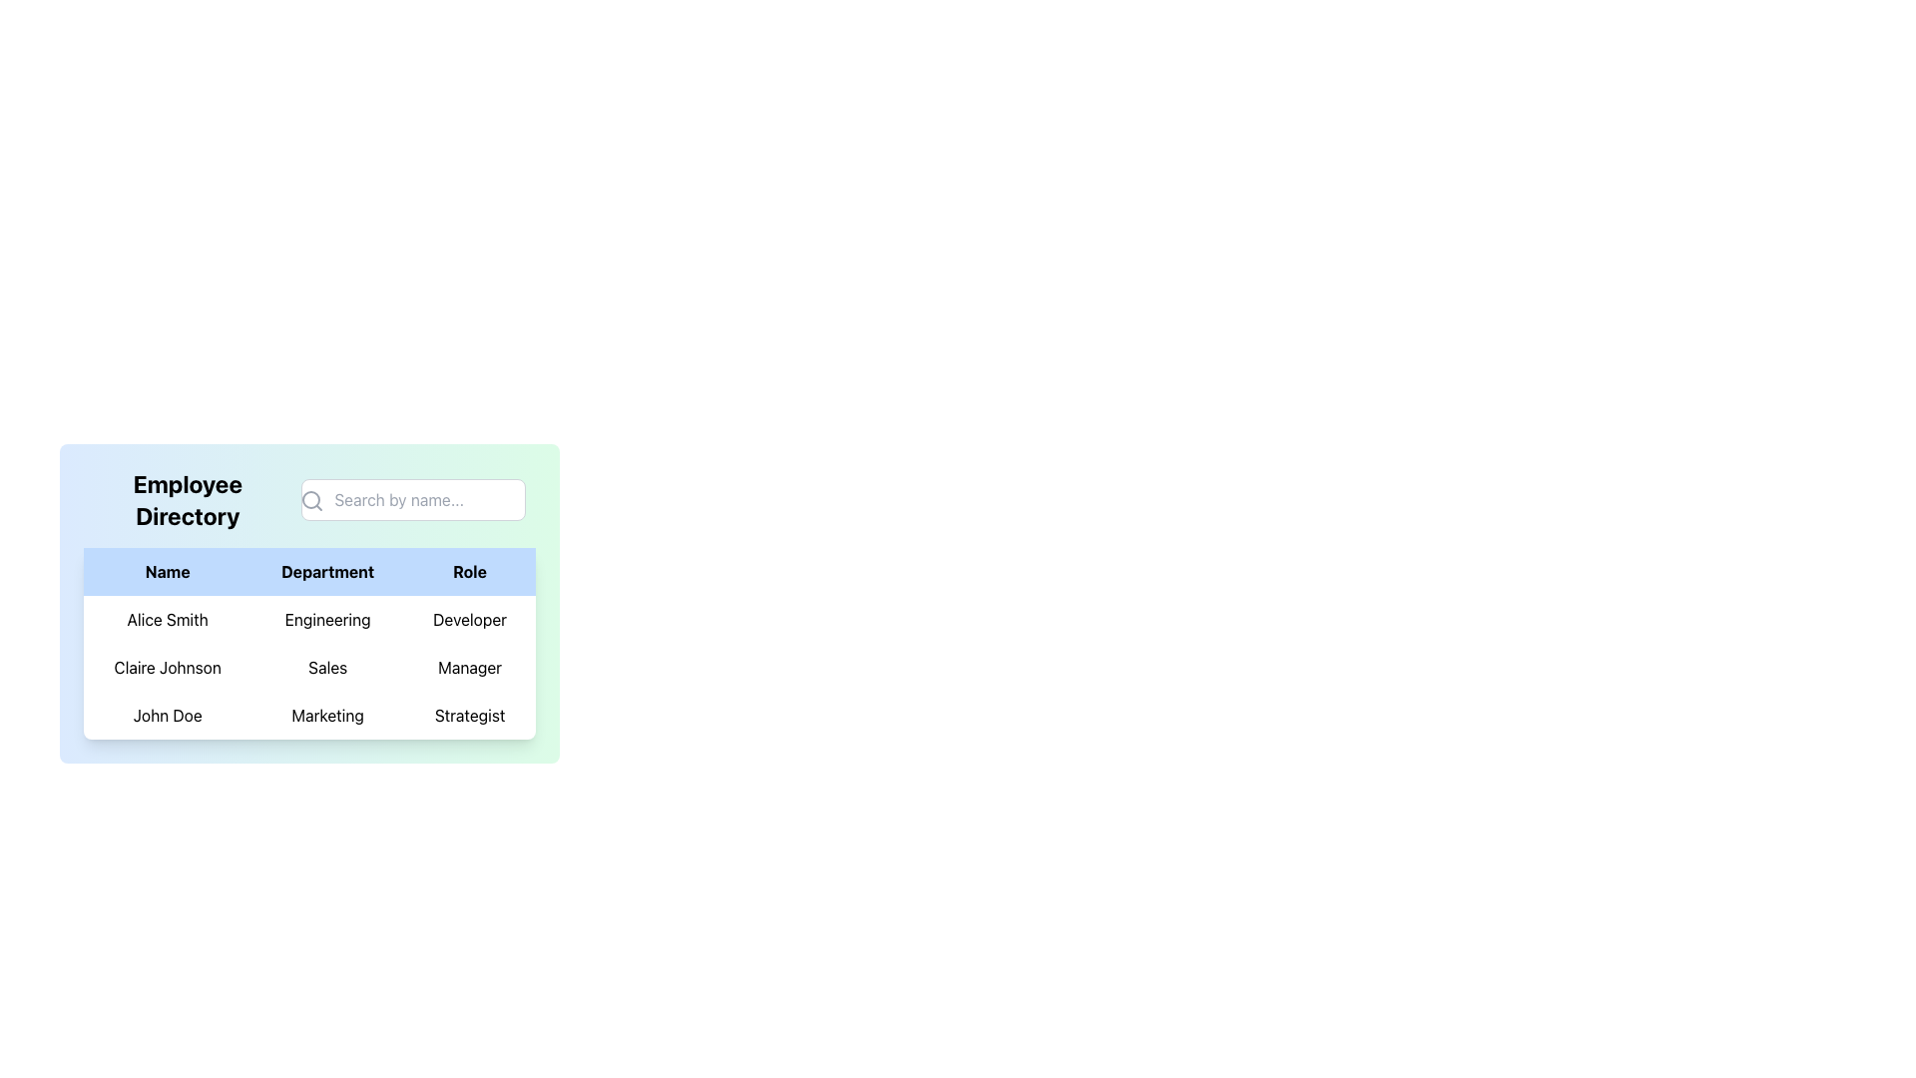 The image size is (1916, 1078). I want to click on the table cell displaying 'Marketing' for accessibility purposes, located in the second column of the third row of the 'Employee Directory' table, so click(327, 715).